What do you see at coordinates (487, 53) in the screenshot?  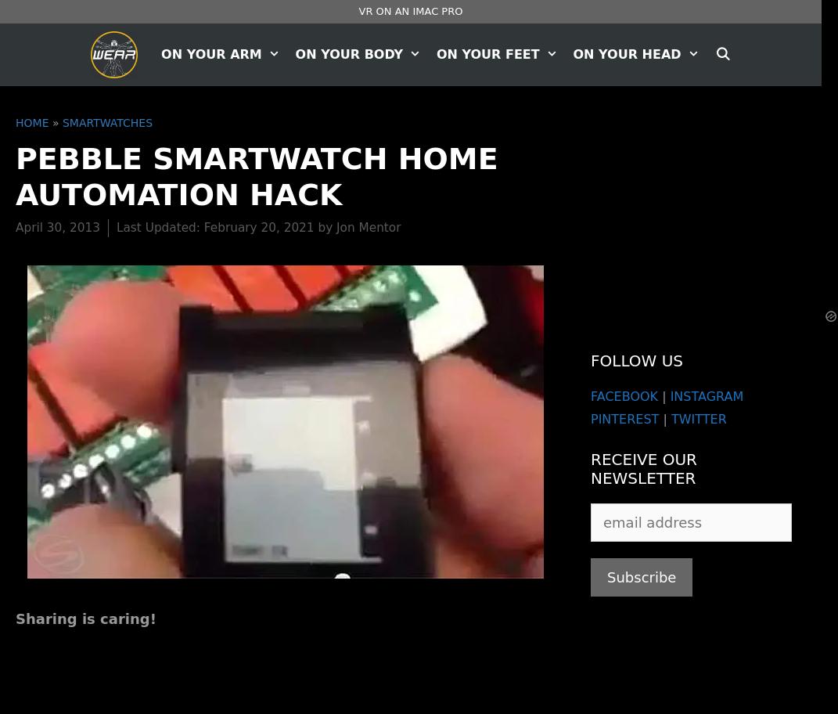 I see `'On Your Feet'` at bounding box center [487, 53].